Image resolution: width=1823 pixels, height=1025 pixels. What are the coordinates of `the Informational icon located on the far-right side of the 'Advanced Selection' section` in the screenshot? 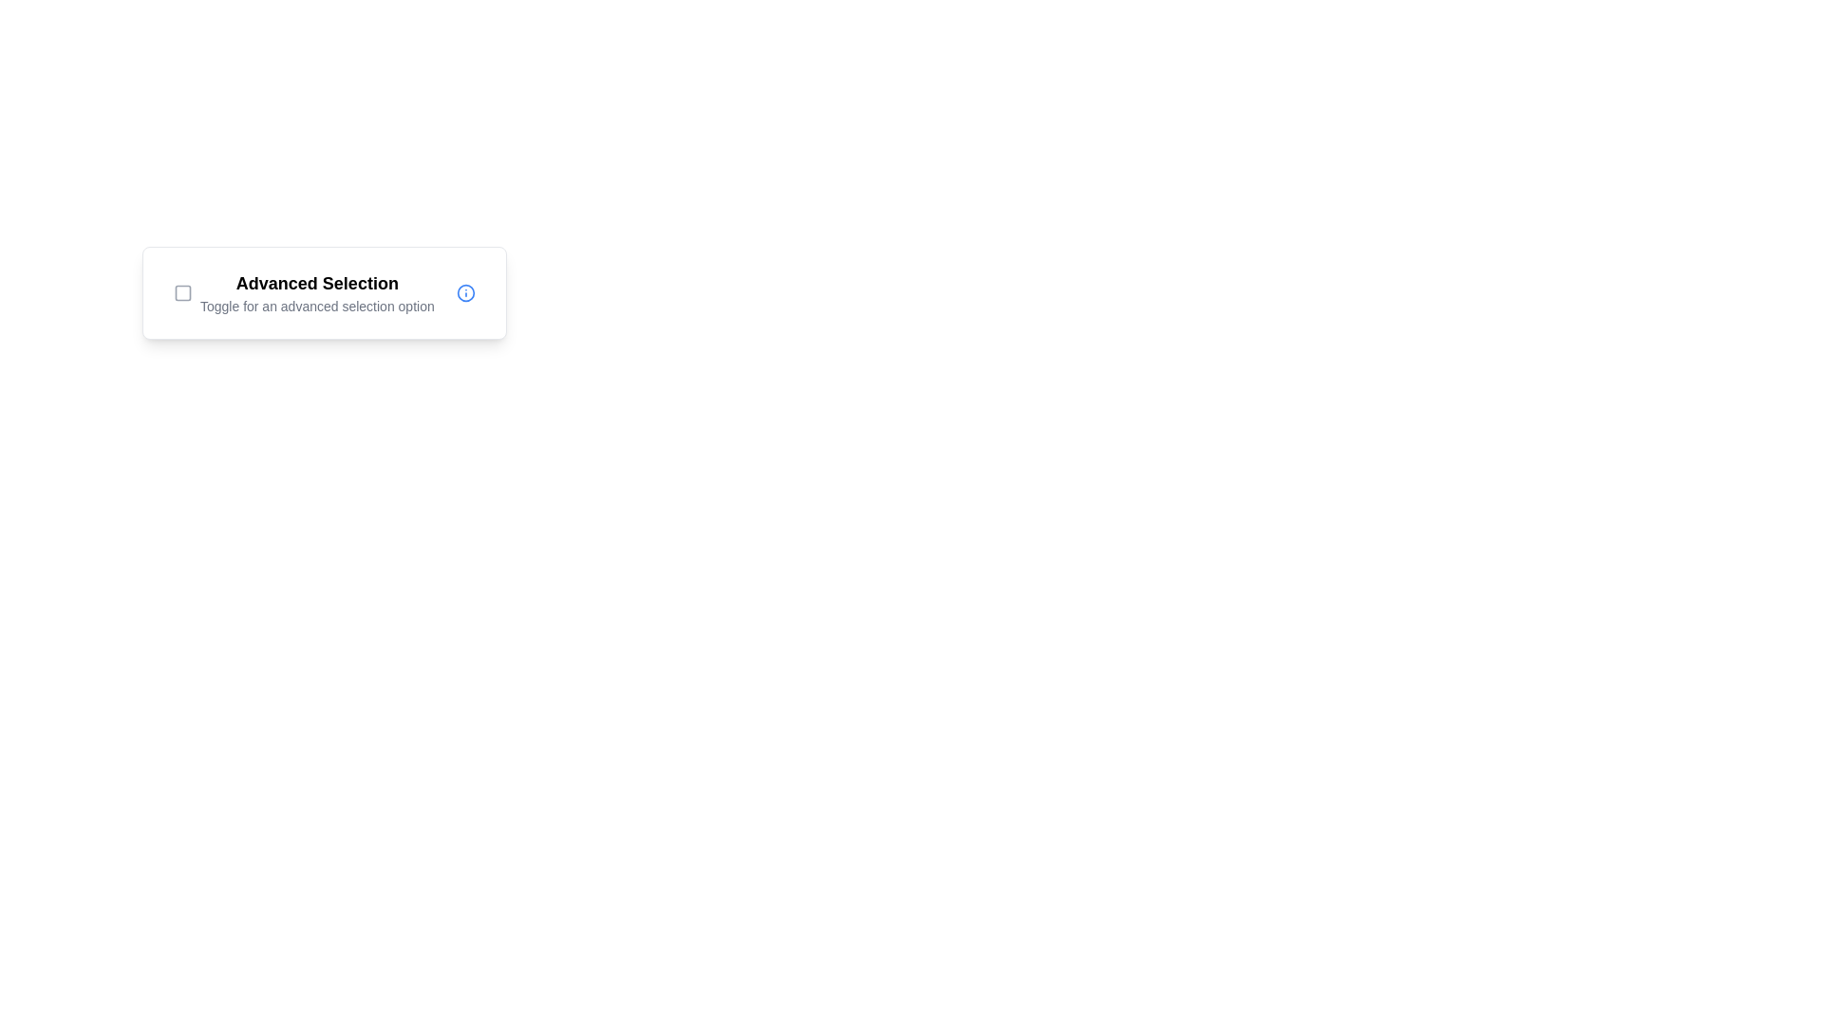 It's located at (465, 292).